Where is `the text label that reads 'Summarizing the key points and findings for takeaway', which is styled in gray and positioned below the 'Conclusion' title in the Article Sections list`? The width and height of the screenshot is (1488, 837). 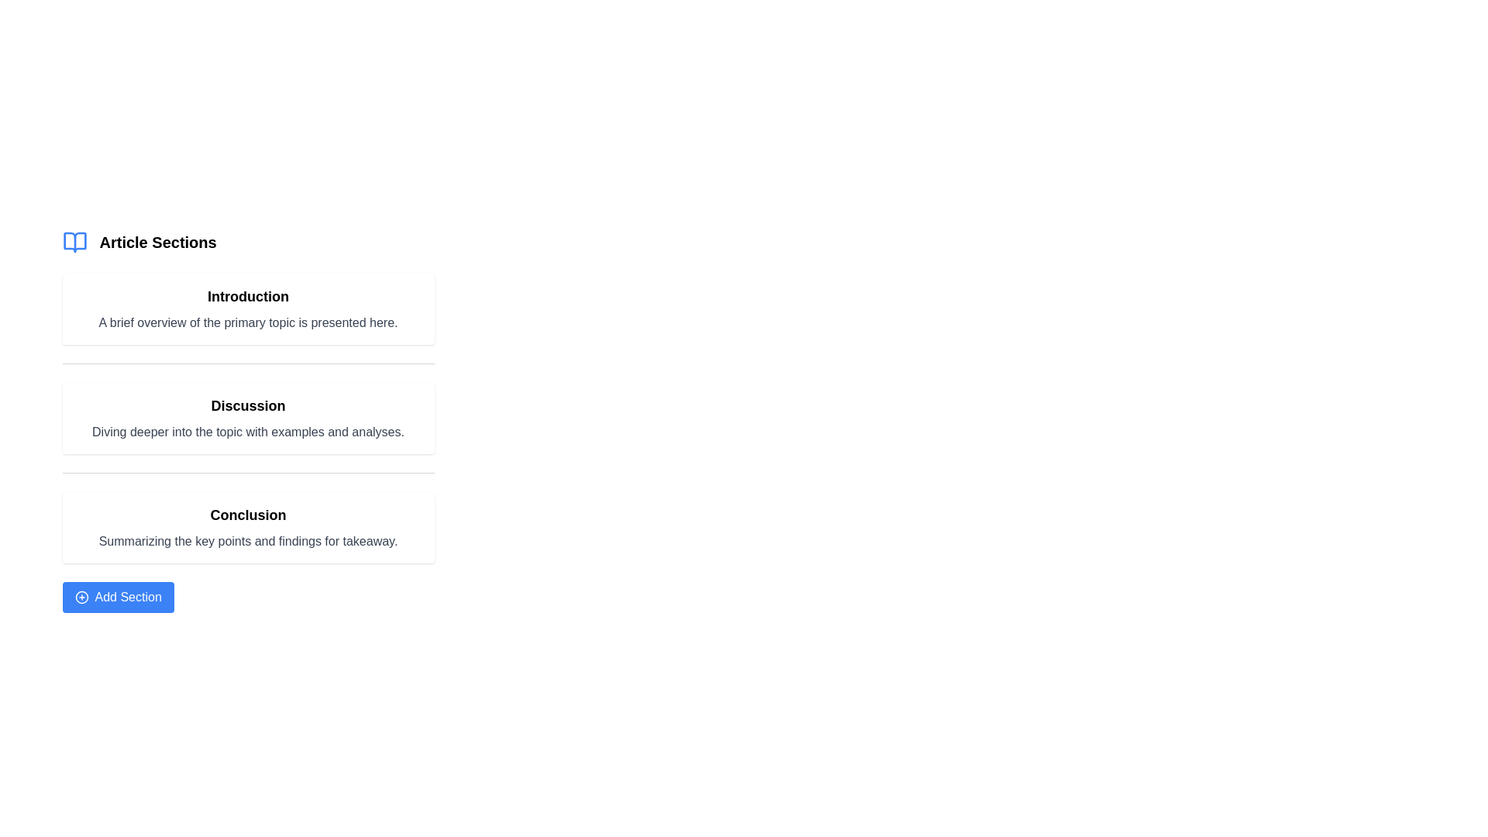
the text label that reads 'Summarizing the key points and findings for takeaway', which is styled in gray and positioned below the 'Conclusion' title in the Article Sections list is located at coordinates (248, 540).